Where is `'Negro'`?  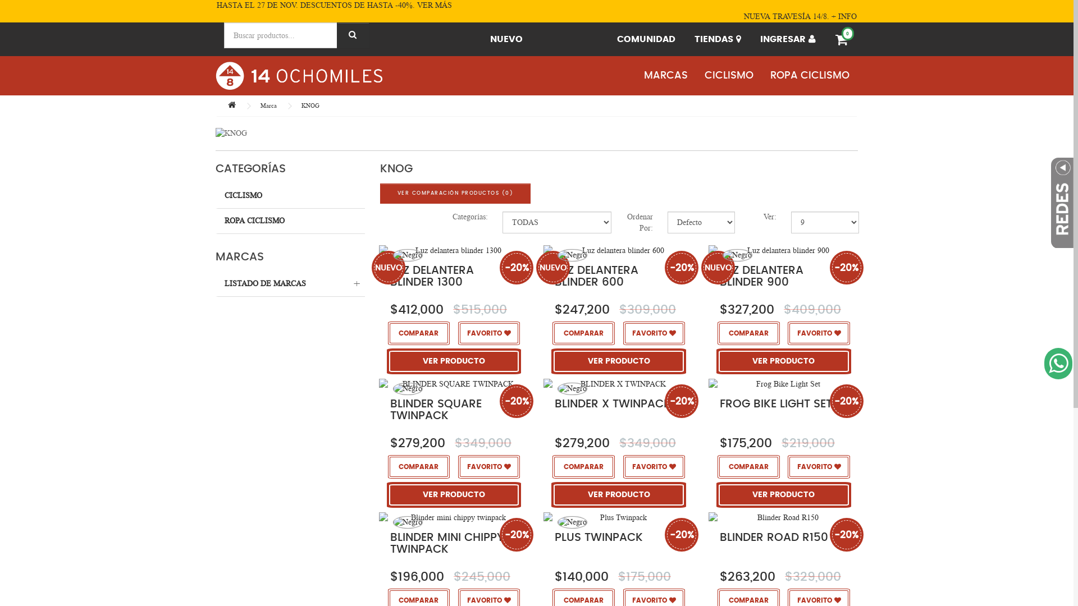 'Negro' is located at coordinates (393, 255).